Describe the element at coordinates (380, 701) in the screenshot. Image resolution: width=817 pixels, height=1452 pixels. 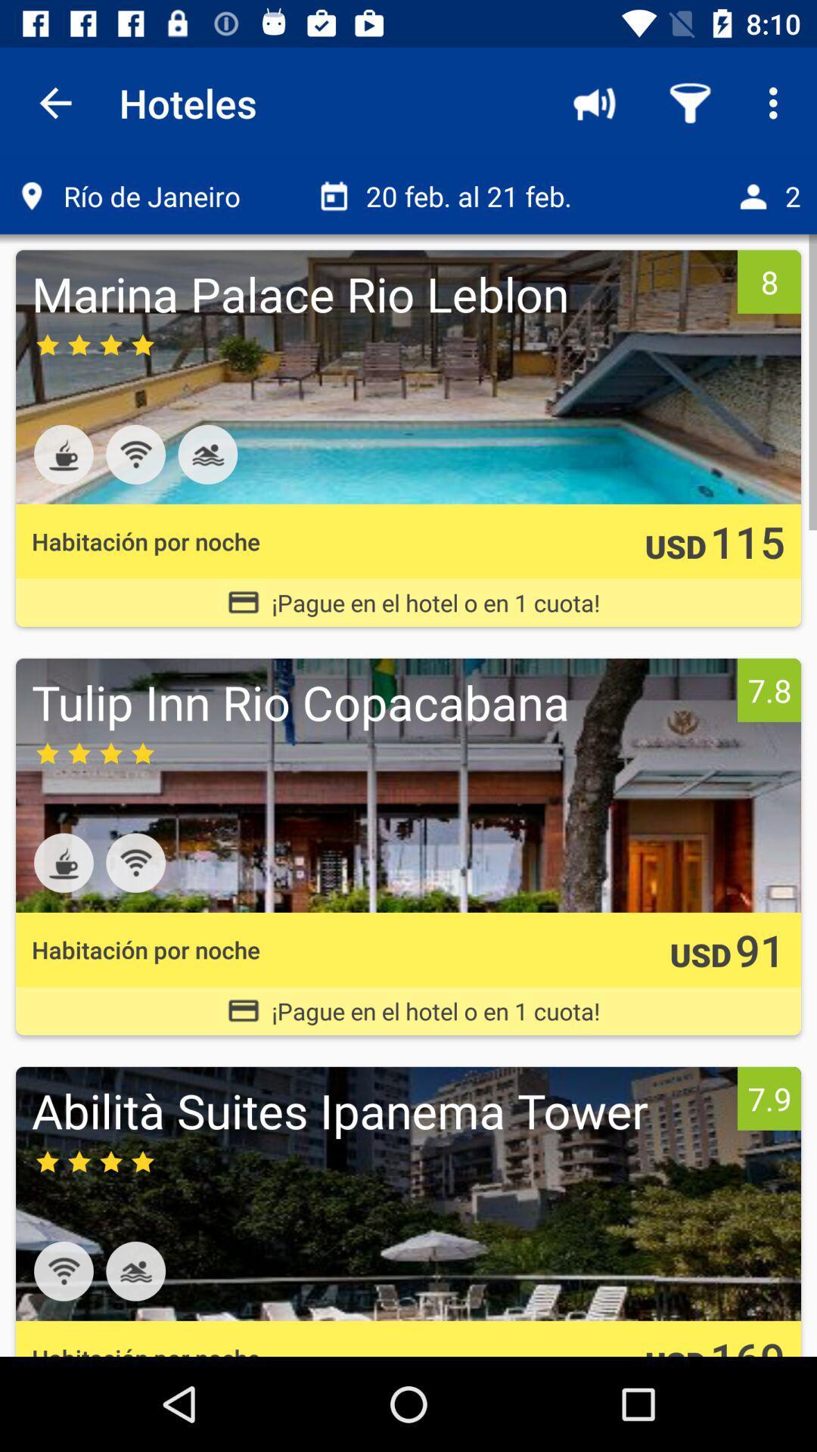
I see `the item below the pague en el icon` at that location.